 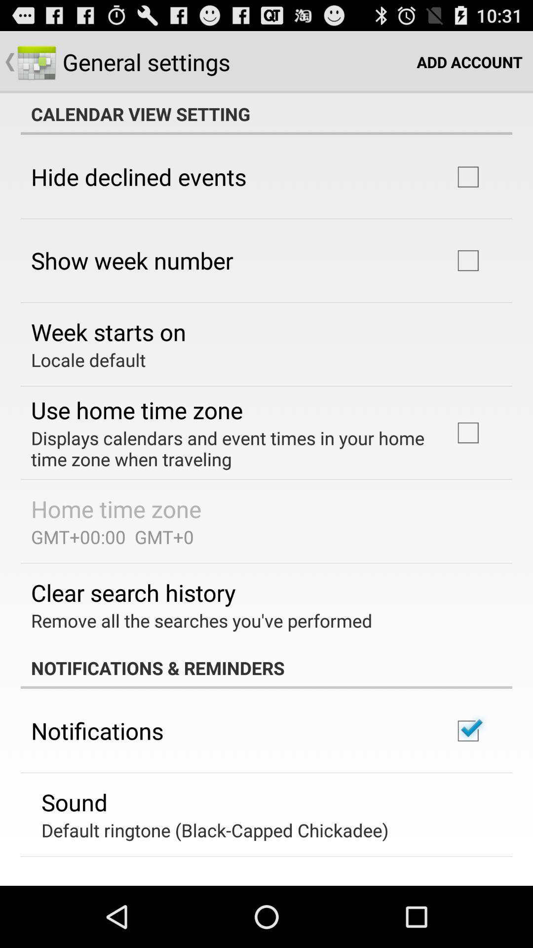 What do you see at coordinates (266, 668) in the screenshot?
I see `app below the remove all the app` at bounding box center [266, 668].